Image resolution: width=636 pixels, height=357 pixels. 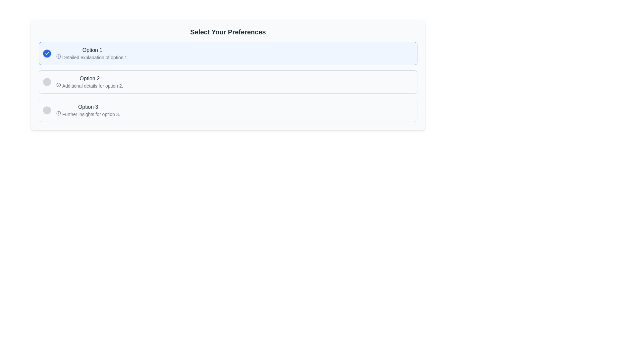 What do you see at coordinates (88, 110) in the screenshot?
I see `the informational icon next to 'Option 3'` at bounding box center [88, 110].